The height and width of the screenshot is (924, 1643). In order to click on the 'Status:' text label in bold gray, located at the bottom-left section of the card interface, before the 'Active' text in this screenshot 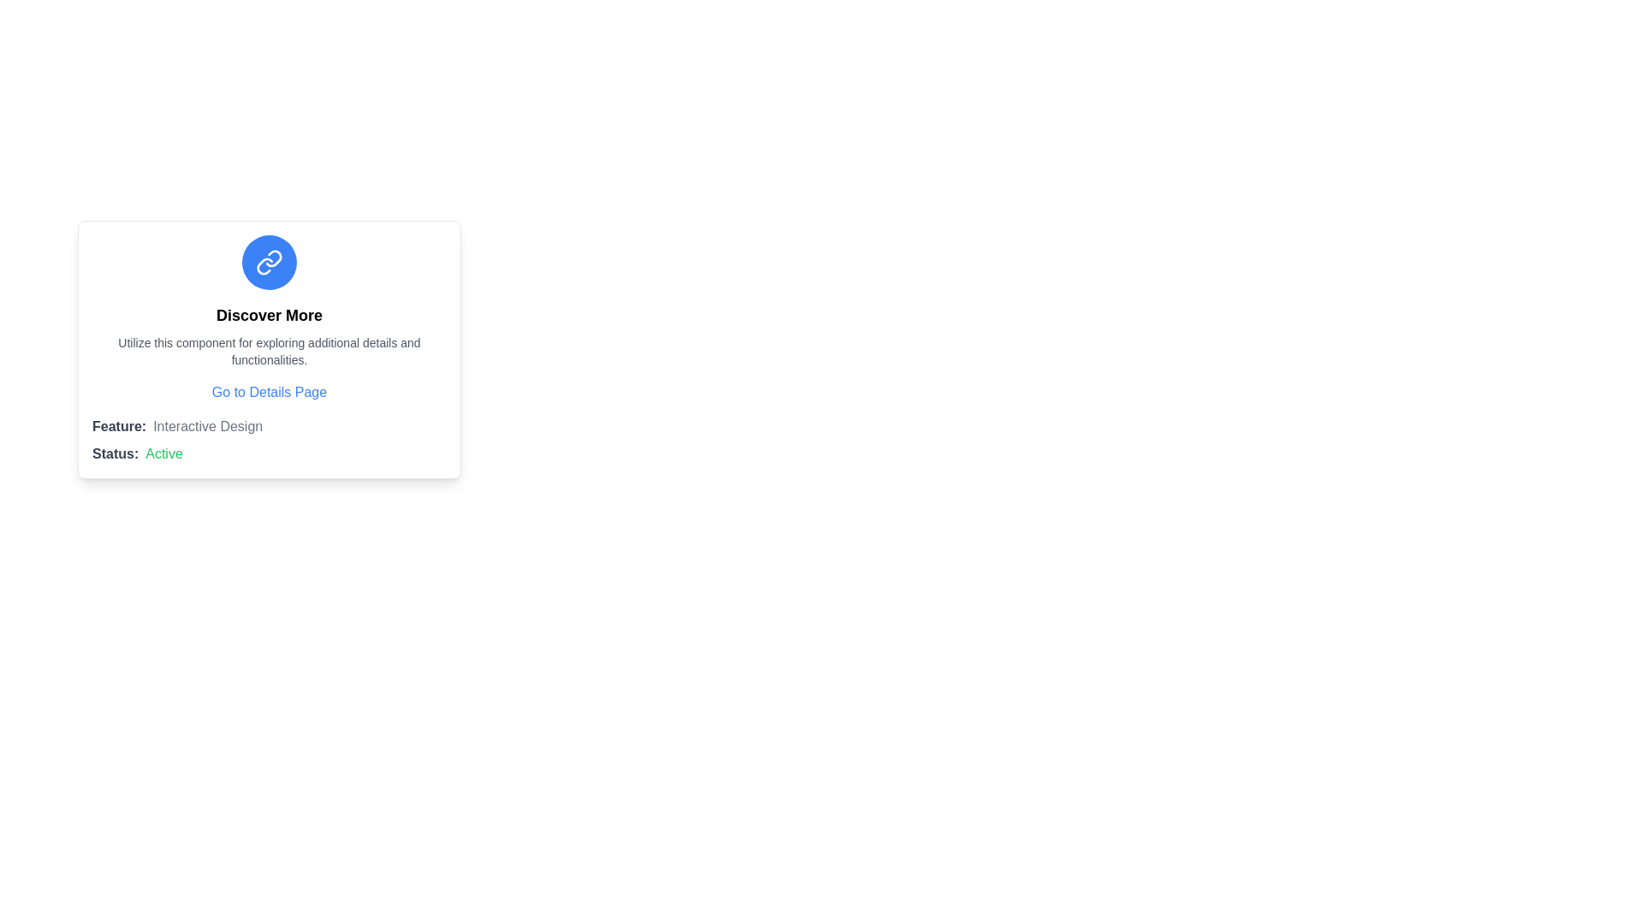, I will do `click(115, 453)`.